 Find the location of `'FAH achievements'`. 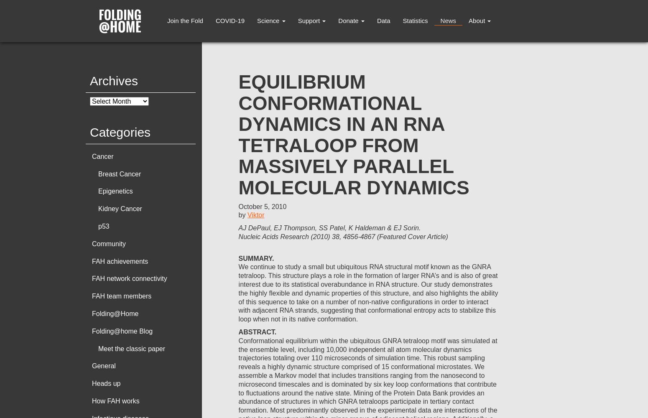

'FAH achievements' is located at coordinates (91, 260).